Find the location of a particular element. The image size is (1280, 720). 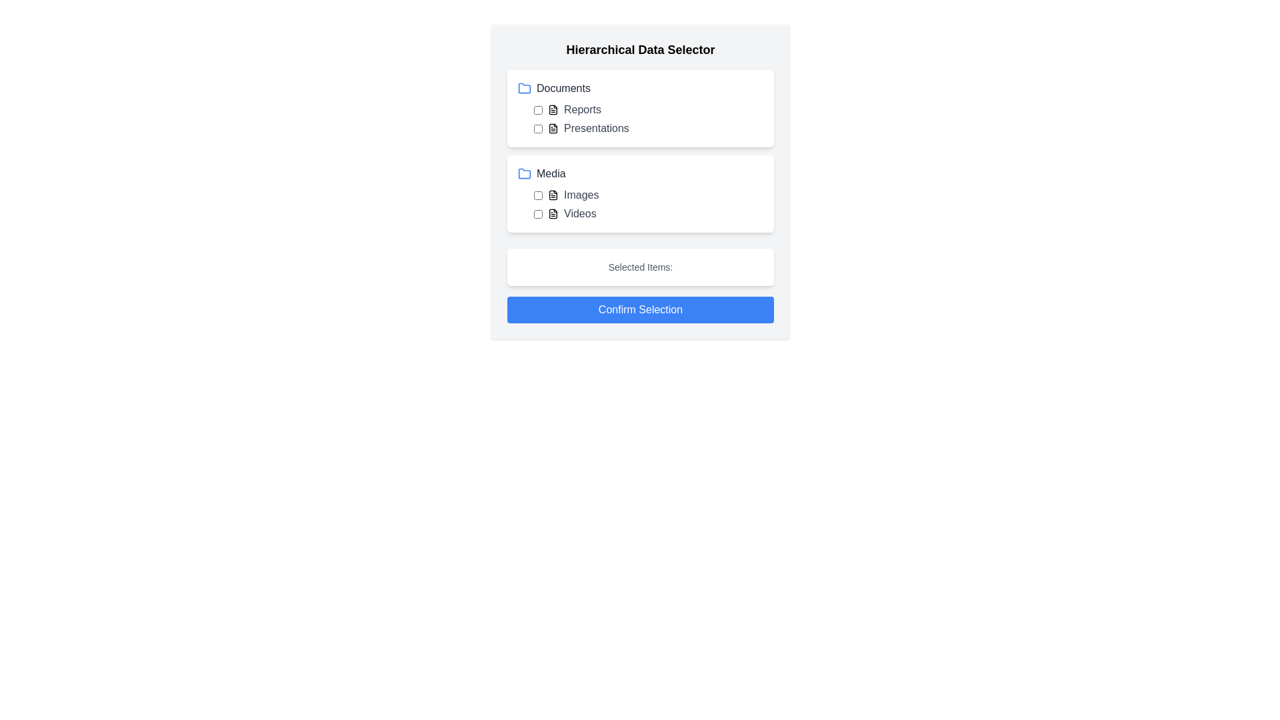

the Decorative icon (SVG-based) that is positioned next to the 'Presentations' checkbox within the 'Documents' category is located at coordinates (553, 128).